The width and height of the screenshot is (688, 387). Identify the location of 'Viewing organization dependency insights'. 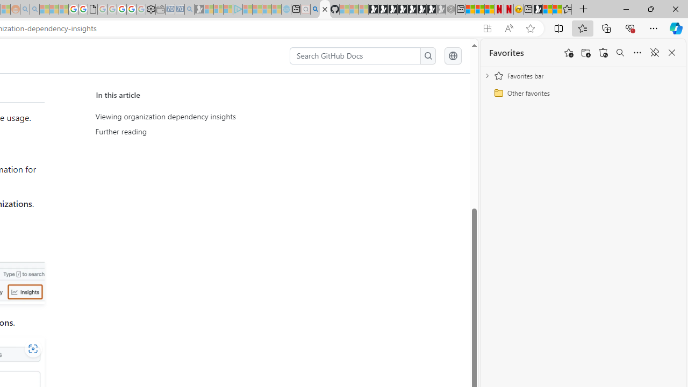
(197, 117).